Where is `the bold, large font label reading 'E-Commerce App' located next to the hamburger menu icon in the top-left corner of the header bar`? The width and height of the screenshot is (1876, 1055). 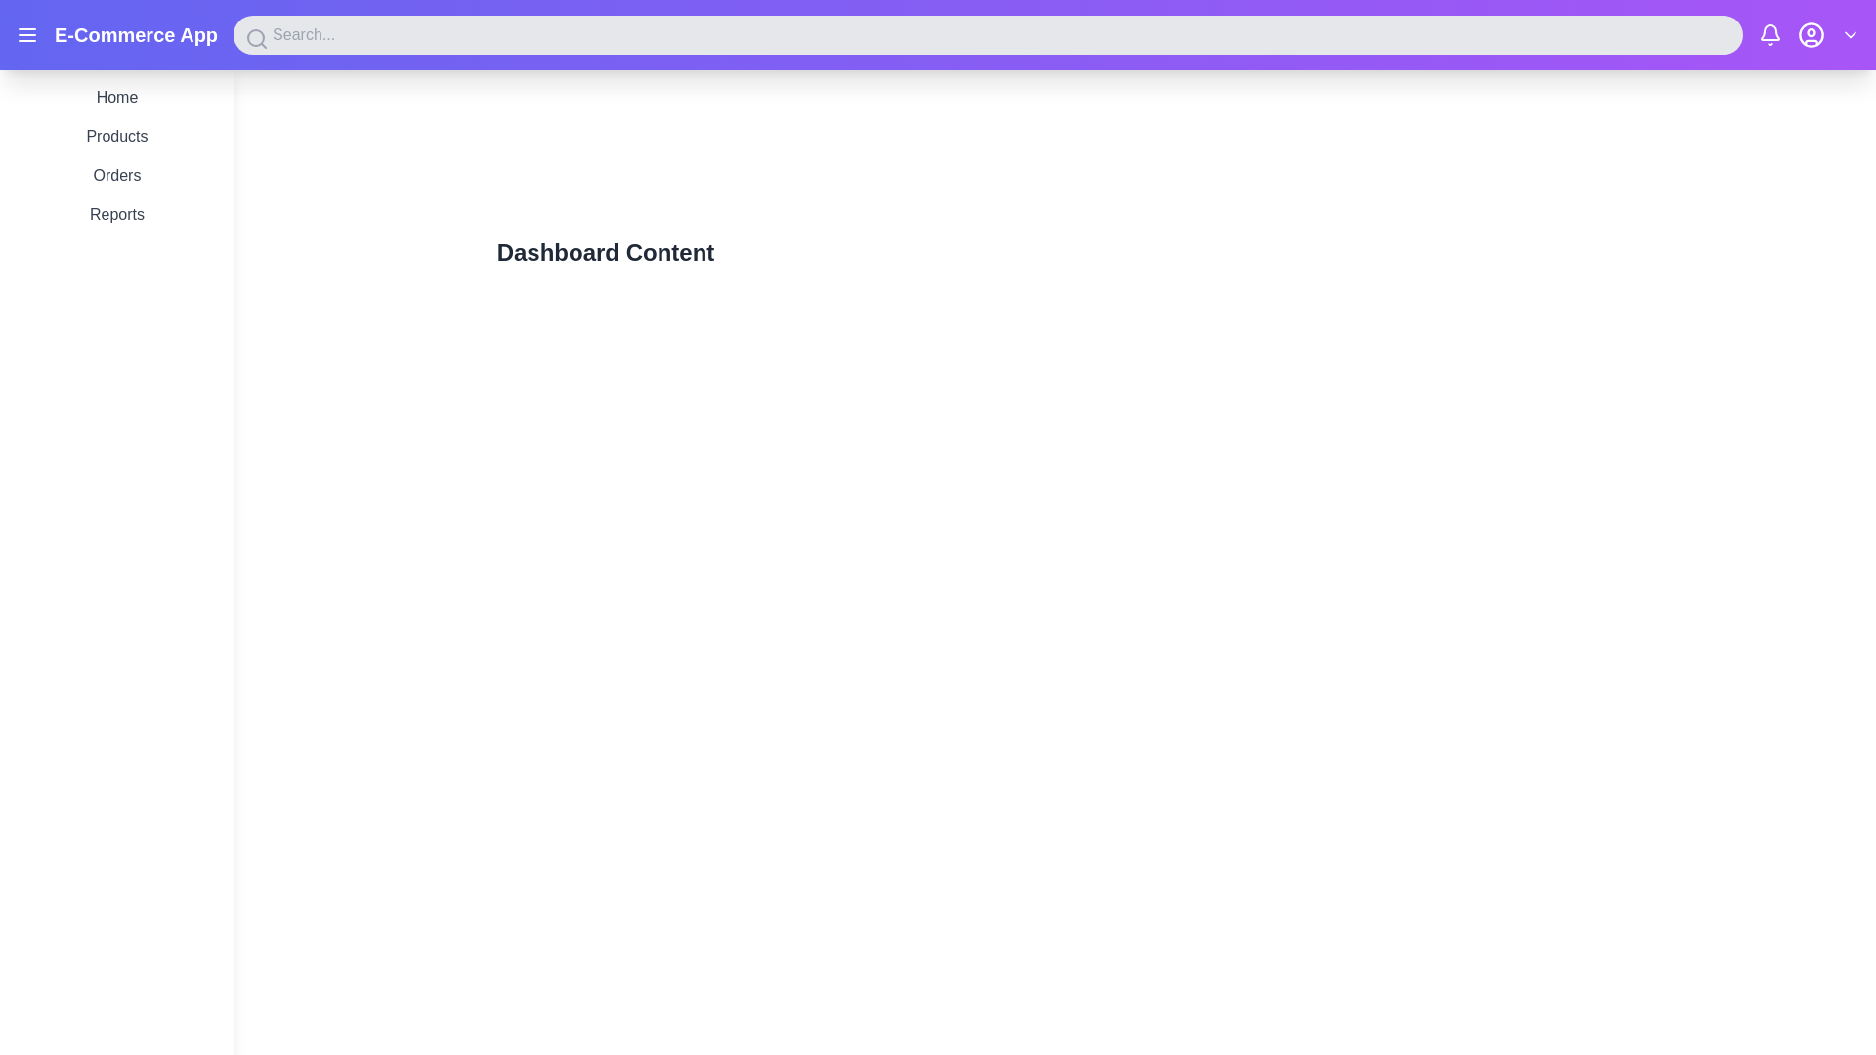
the bold, large font label reading 'E-Commerce App' located next to the hamburger menu icon in the top-left corner of the header bar is located at coordinates (115, 34).